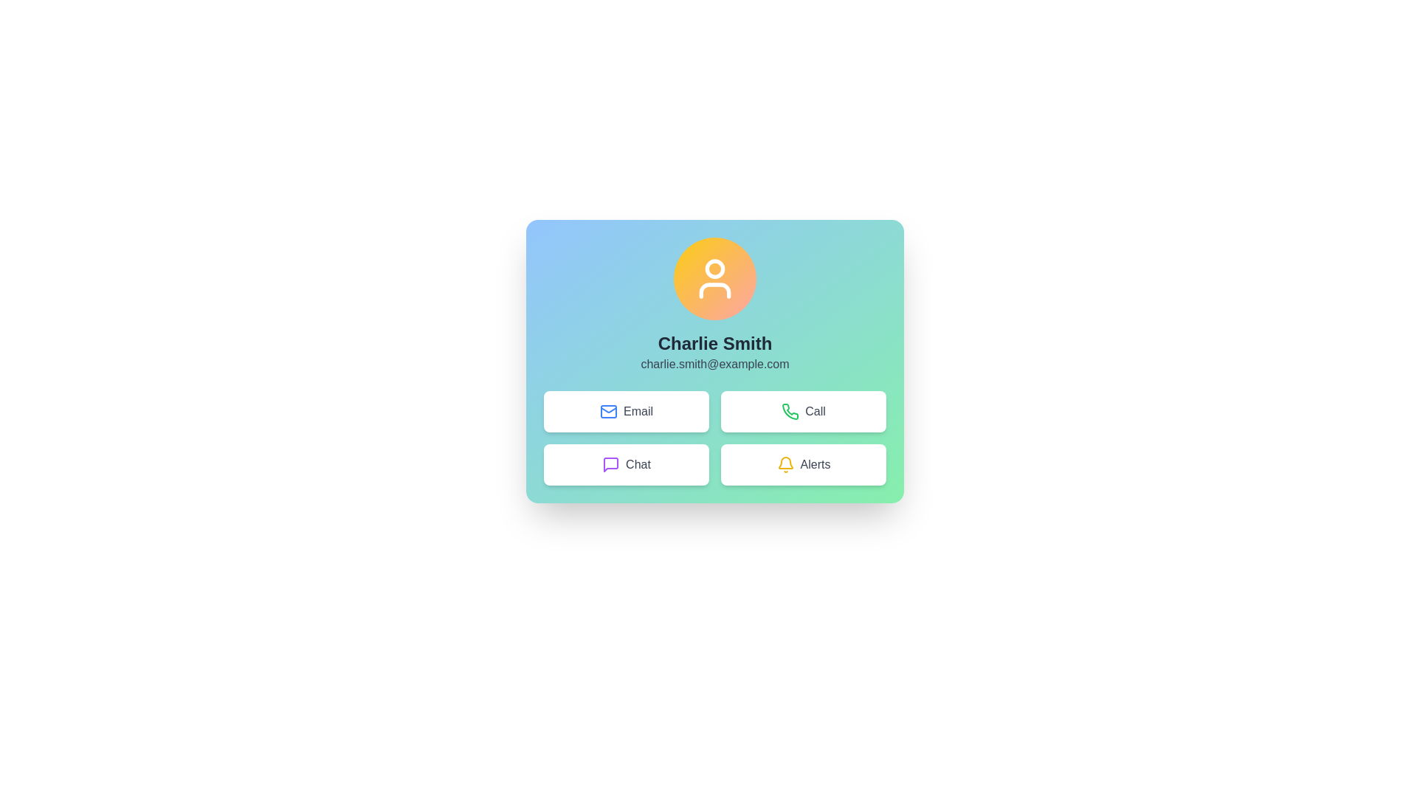 The width and height of the screenshot is (1417, 797). What do you see at coordinates (715, 364) in the screenshot?
I see `the static text displaying 'charlie.smith@example.com' in gray color, located centrally beneath the 'Charlie Smith' label` at bounding box center [715, 364].